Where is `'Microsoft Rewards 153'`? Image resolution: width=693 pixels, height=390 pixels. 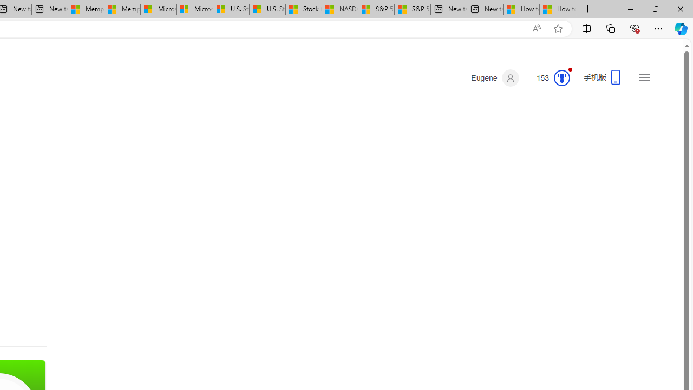 'Microsoft Rewards 153' is located at coordinates (549, 77).